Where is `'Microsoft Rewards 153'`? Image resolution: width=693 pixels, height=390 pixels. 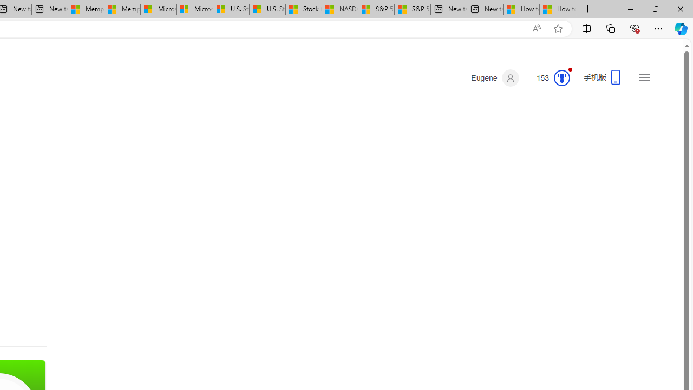 'Microsoft Rewards 153' is located at coordinates (549, 77).